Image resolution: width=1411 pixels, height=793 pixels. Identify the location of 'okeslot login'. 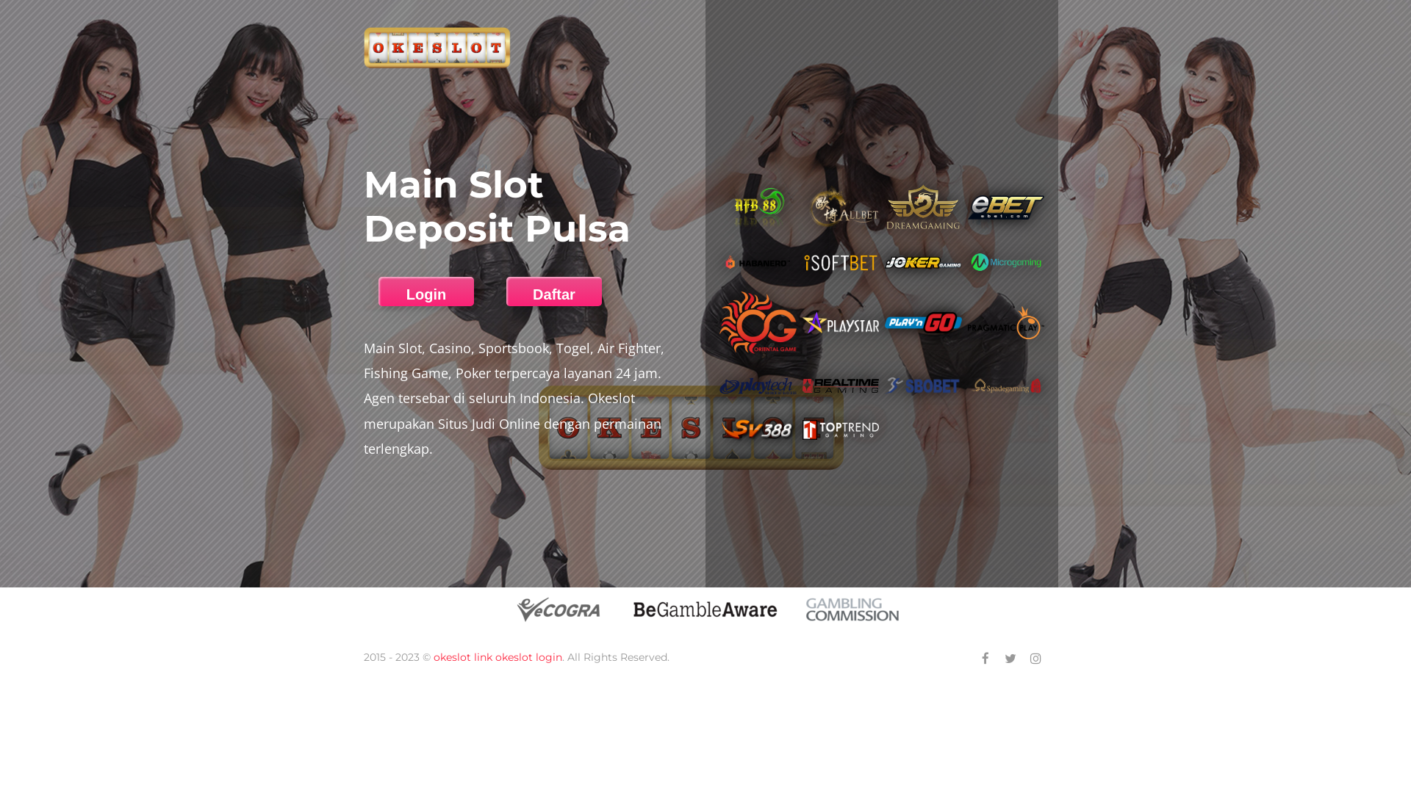
(528, 656).